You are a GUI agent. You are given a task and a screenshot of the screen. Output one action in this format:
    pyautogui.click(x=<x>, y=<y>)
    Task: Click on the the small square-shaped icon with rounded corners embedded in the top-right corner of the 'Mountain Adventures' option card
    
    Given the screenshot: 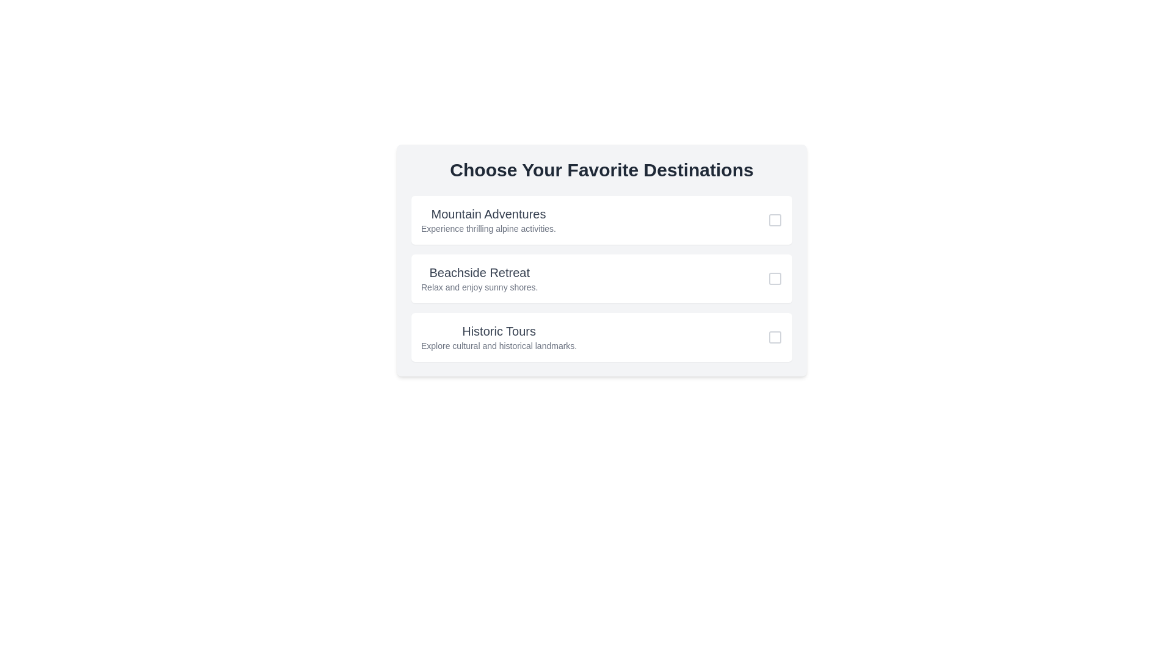 What is the action you would take?
    pyautogui.click(x=775, y=220)
    